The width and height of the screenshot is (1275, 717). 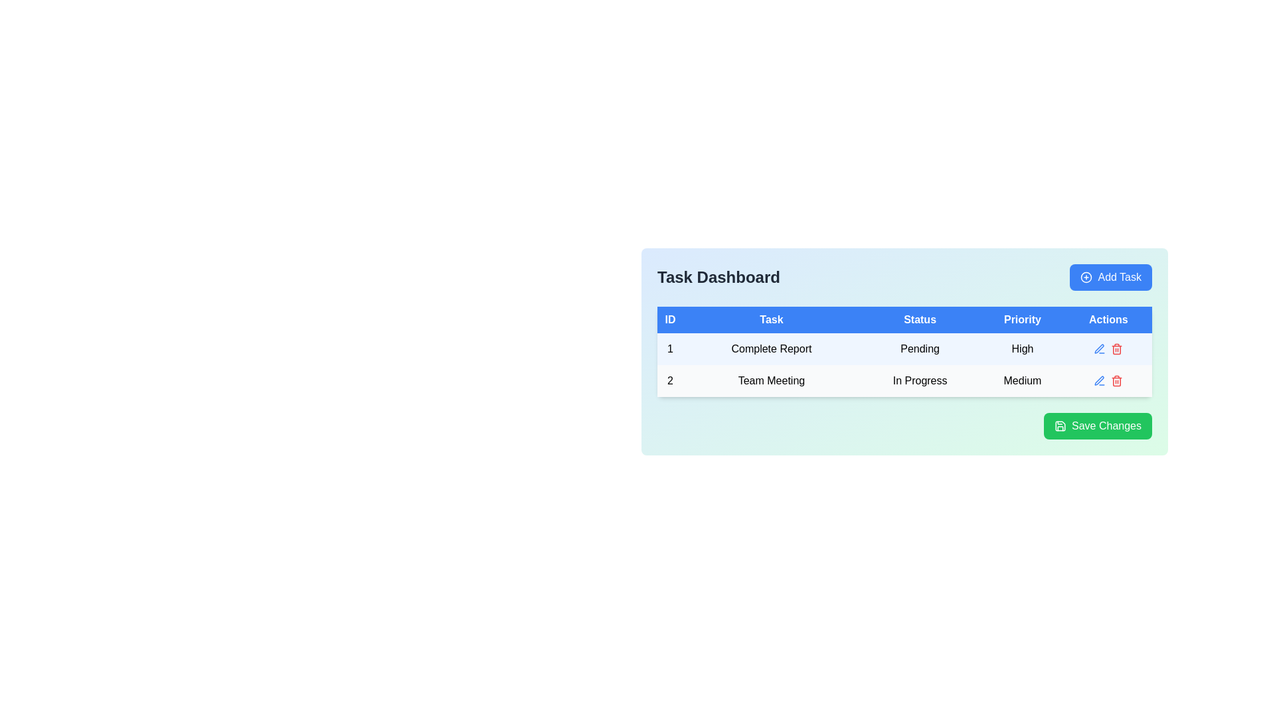 What do you see at coordinates (919, 348) in the screenshot?
I see `the static label displaying 'Pending' in the table, located in the third column of the first row under the 'Status' header` at bounding box center [919, 348].